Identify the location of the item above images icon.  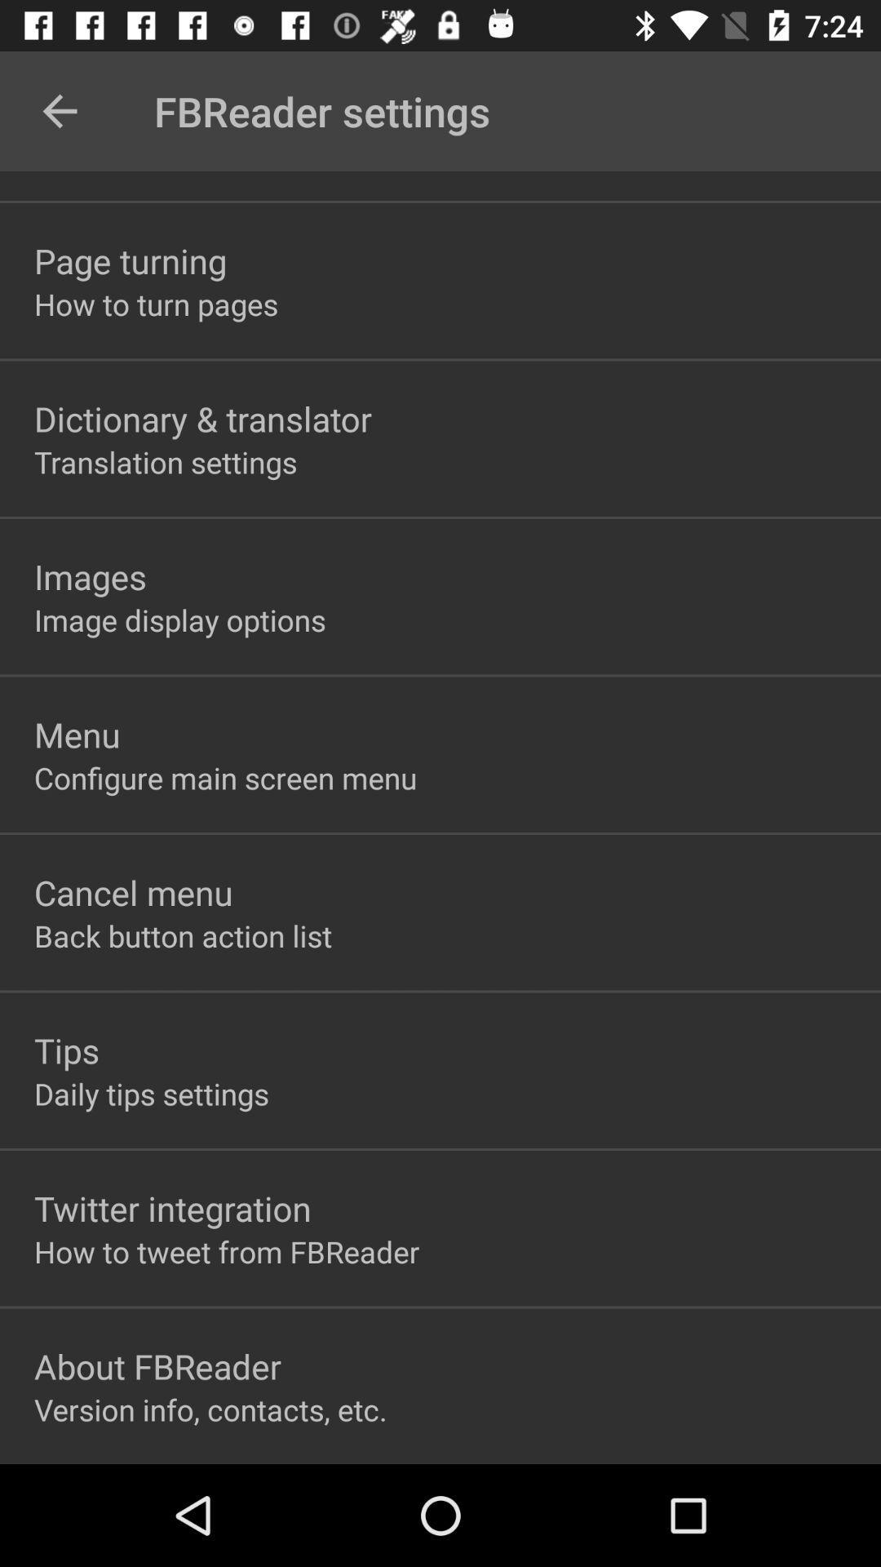
(166, 461).